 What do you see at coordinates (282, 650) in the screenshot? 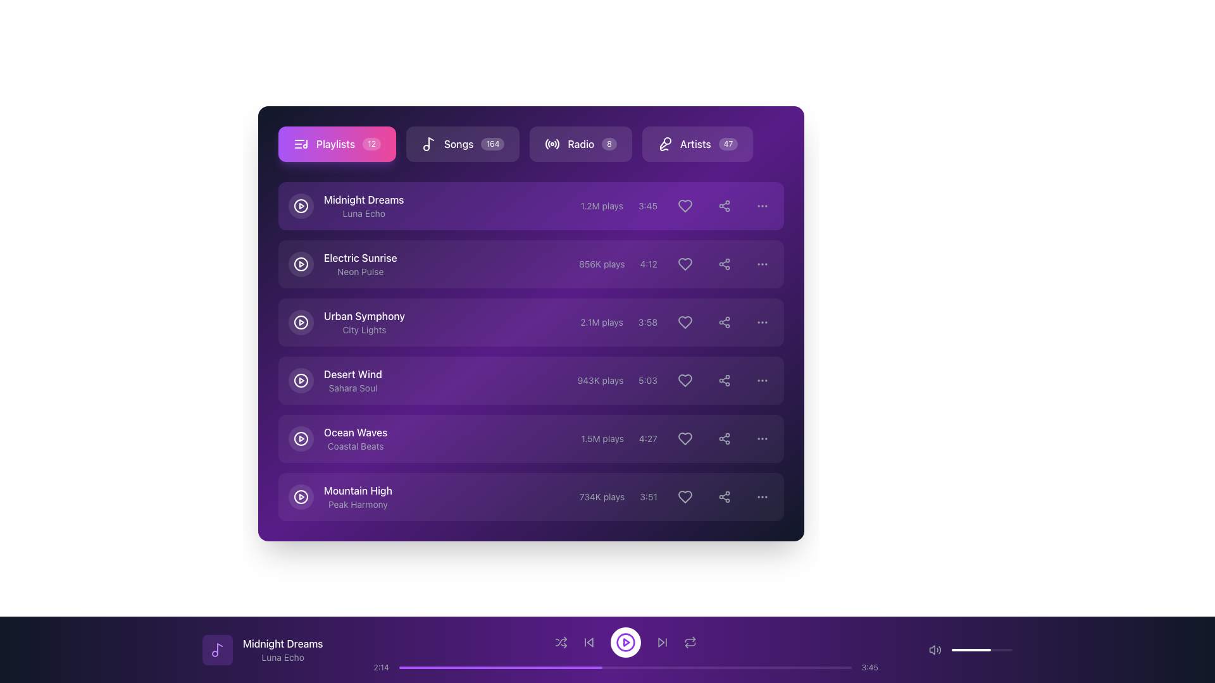
I see `the Text Label displaying 'Midnight Dreams' and 'Luna Echo', which is located near the bottom of the application interface, right of a musical note icon, on a dark purple background` at bounding box center [282, 650].